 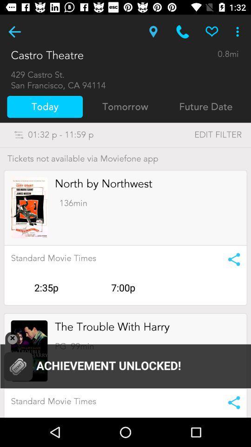 I want to click on advertisement image, so click(x=29, y=208).